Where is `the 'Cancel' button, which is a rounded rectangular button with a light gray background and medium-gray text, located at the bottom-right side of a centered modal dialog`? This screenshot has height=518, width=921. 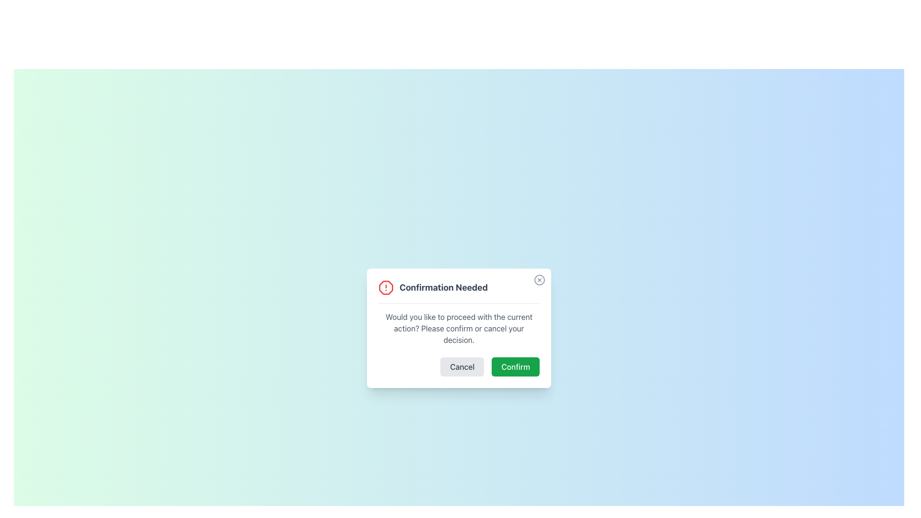
the 'Cancel' button, which is a rounded rectangular button with a light gray background and medium-gray text, located at the bottom-right side of a centered modal dialog is located at coordinates (462, 366).